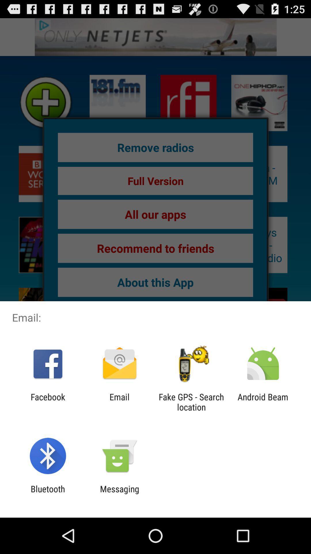  I want to click on the bluetooth, so click(48, 494).